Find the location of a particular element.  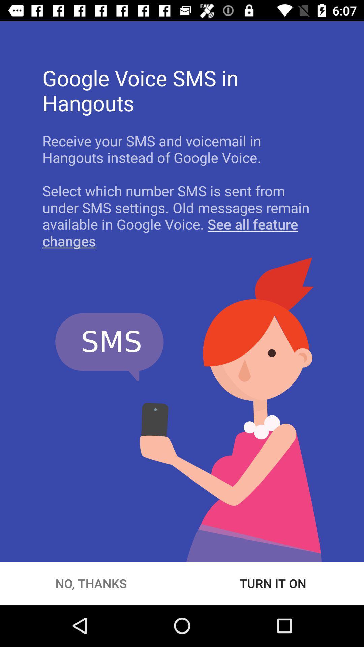

turn it on item is located at coordinates (273, 583).